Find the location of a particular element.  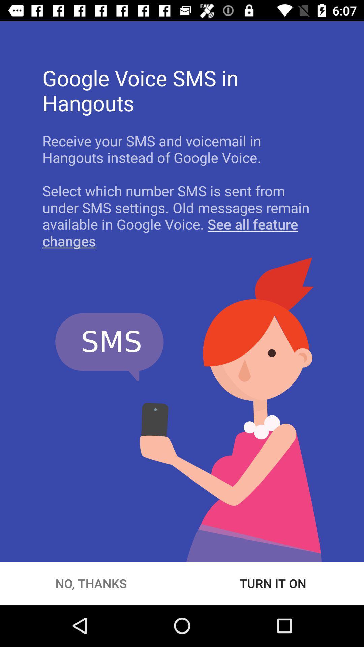

turn it on item is located at coordinates (273, 583).